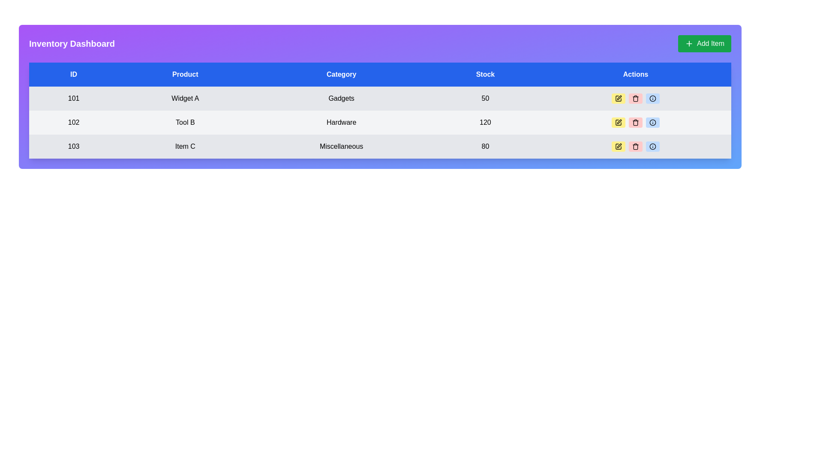  What do you see at coordinates (636, 98) in the screenshot?
I see `the third button in the row of action buttons, which has a trash icon` at bounding box center [636, 98].